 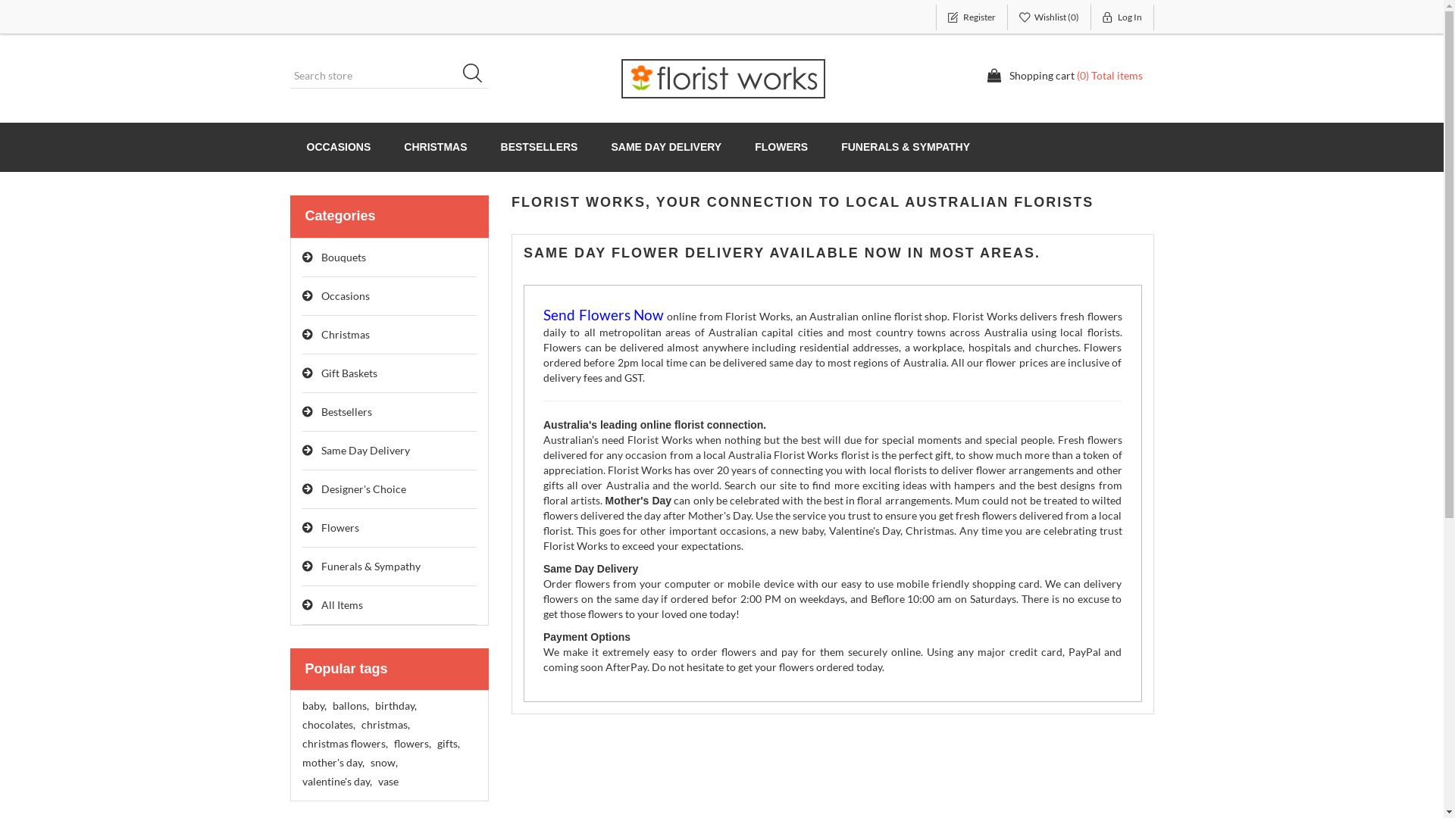 What do you see at coordinates (412, 743) in the screenshot?
I see `'flowers,'` at bounding box center [412, 743].